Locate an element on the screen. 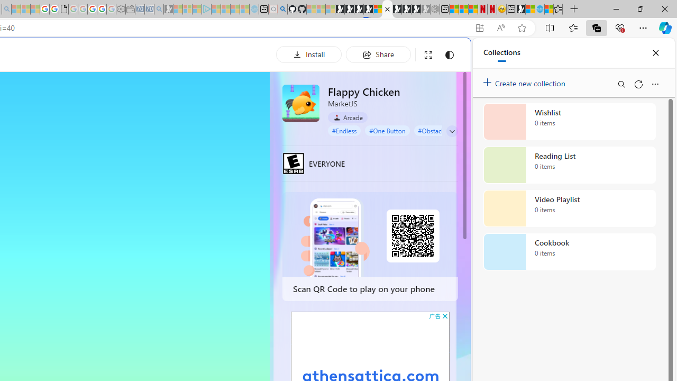 The width and height of the screenshot is (677, 381). 'Services - Maintenance | Sky Blue Bikes - Sky Blue Bikes' is located at coordinates (539, 9).